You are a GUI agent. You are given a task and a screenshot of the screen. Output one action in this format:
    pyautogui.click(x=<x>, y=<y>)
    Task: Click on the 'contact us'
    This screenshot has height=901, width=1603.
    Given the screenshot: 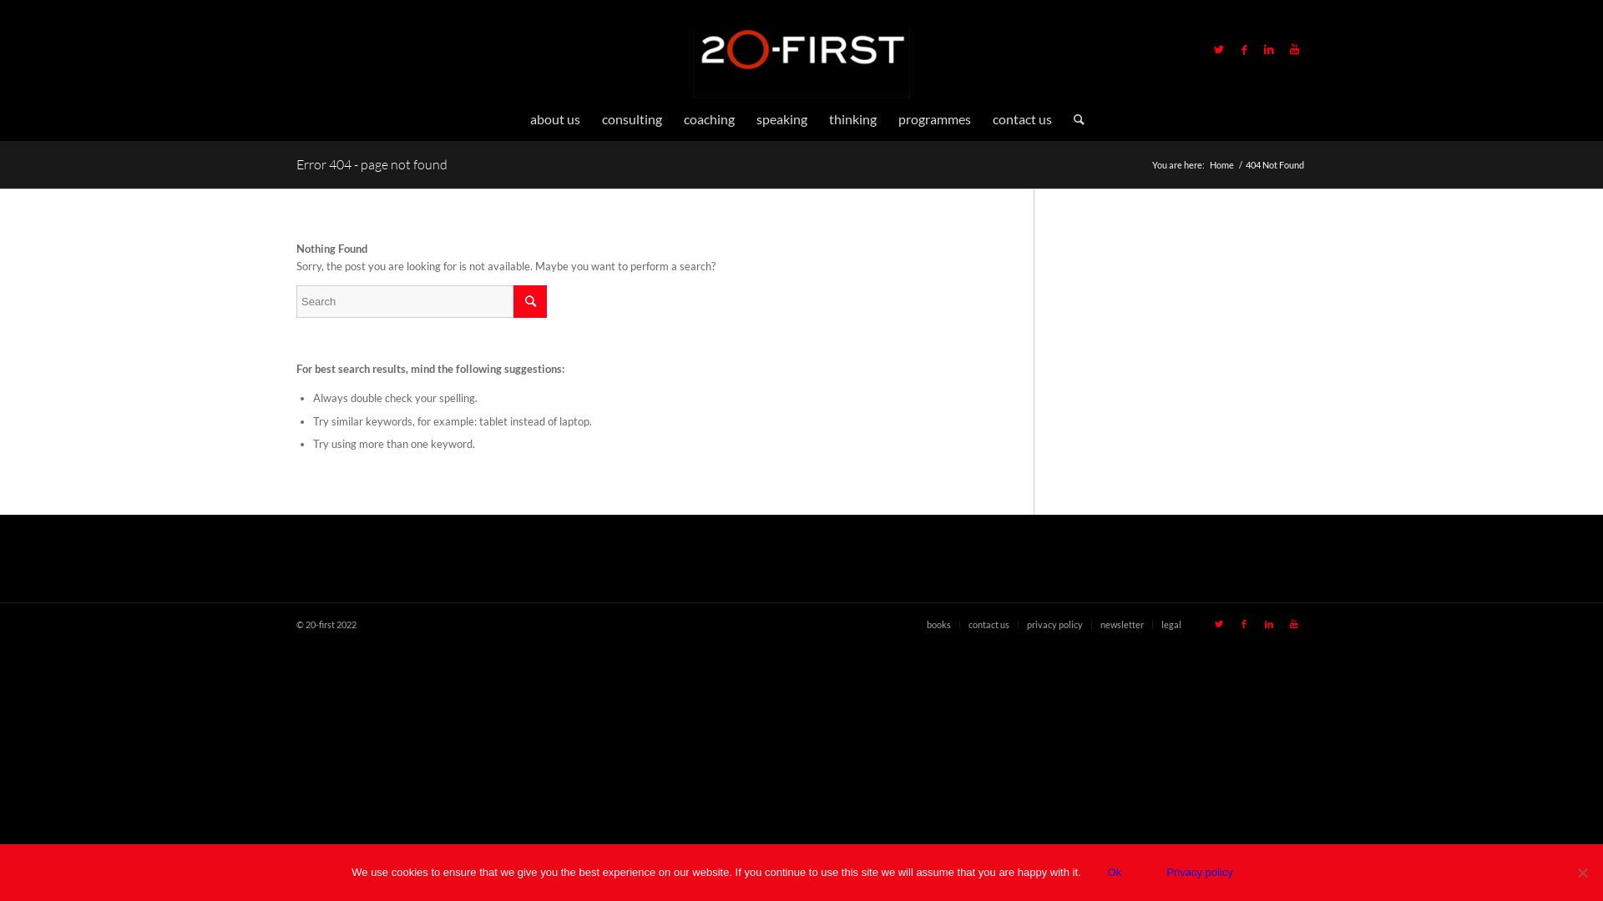 What is the action you would take?
    pyautogui.click(x=982, y=118)
    